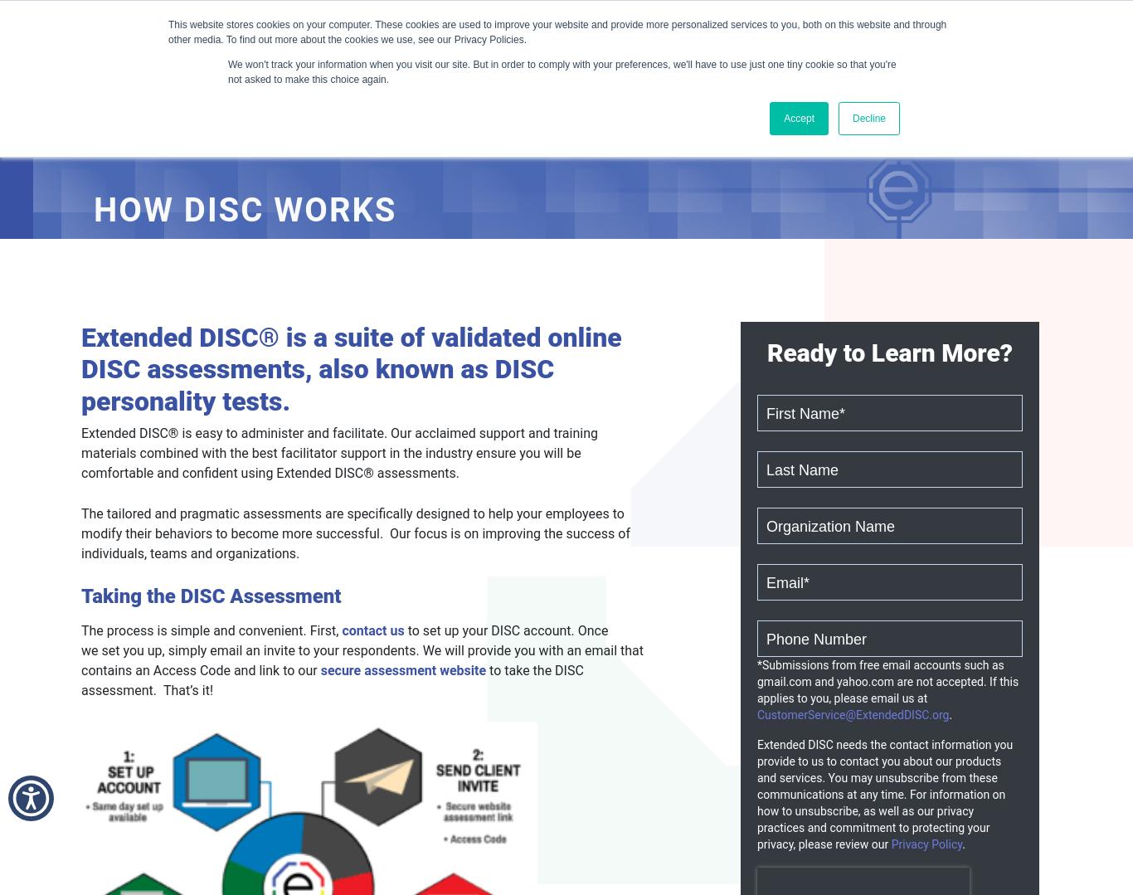 The image size is (1133, 895). What do you see at coordinates (852, 714) in the screenshot?
I see `'CustomerService@ExtendedDISC.org'` at bounding box center [852, 714].